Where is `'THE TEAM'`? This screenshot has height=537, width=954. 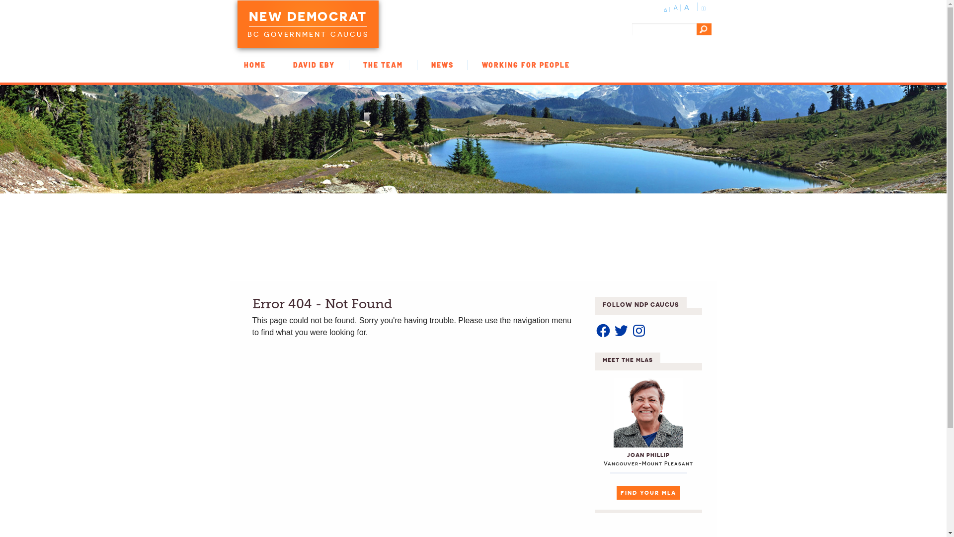
'THE TEAM' is located at coordinates (383, 65).